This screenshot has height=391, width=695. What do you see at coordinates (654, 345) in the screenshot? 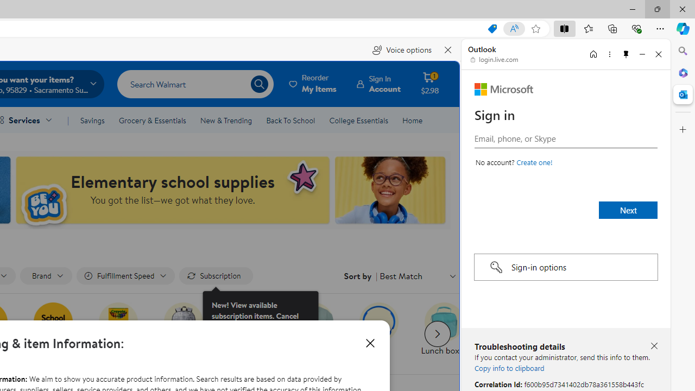
I see `'Close troubleshooting details'` at bounding box center [654, 345].